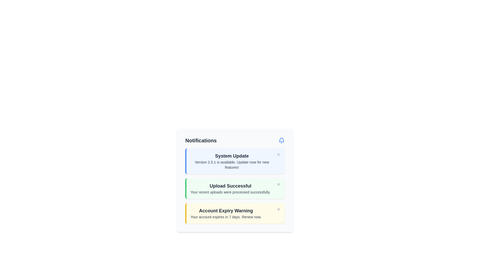 Image resolution: width=497 pixels, height=279 pixels. Describe the element at coordinates (201, 140) in the screenshot. I see `the heading text element indicating notifications, located in the top-left area before the bell icon` at that location.